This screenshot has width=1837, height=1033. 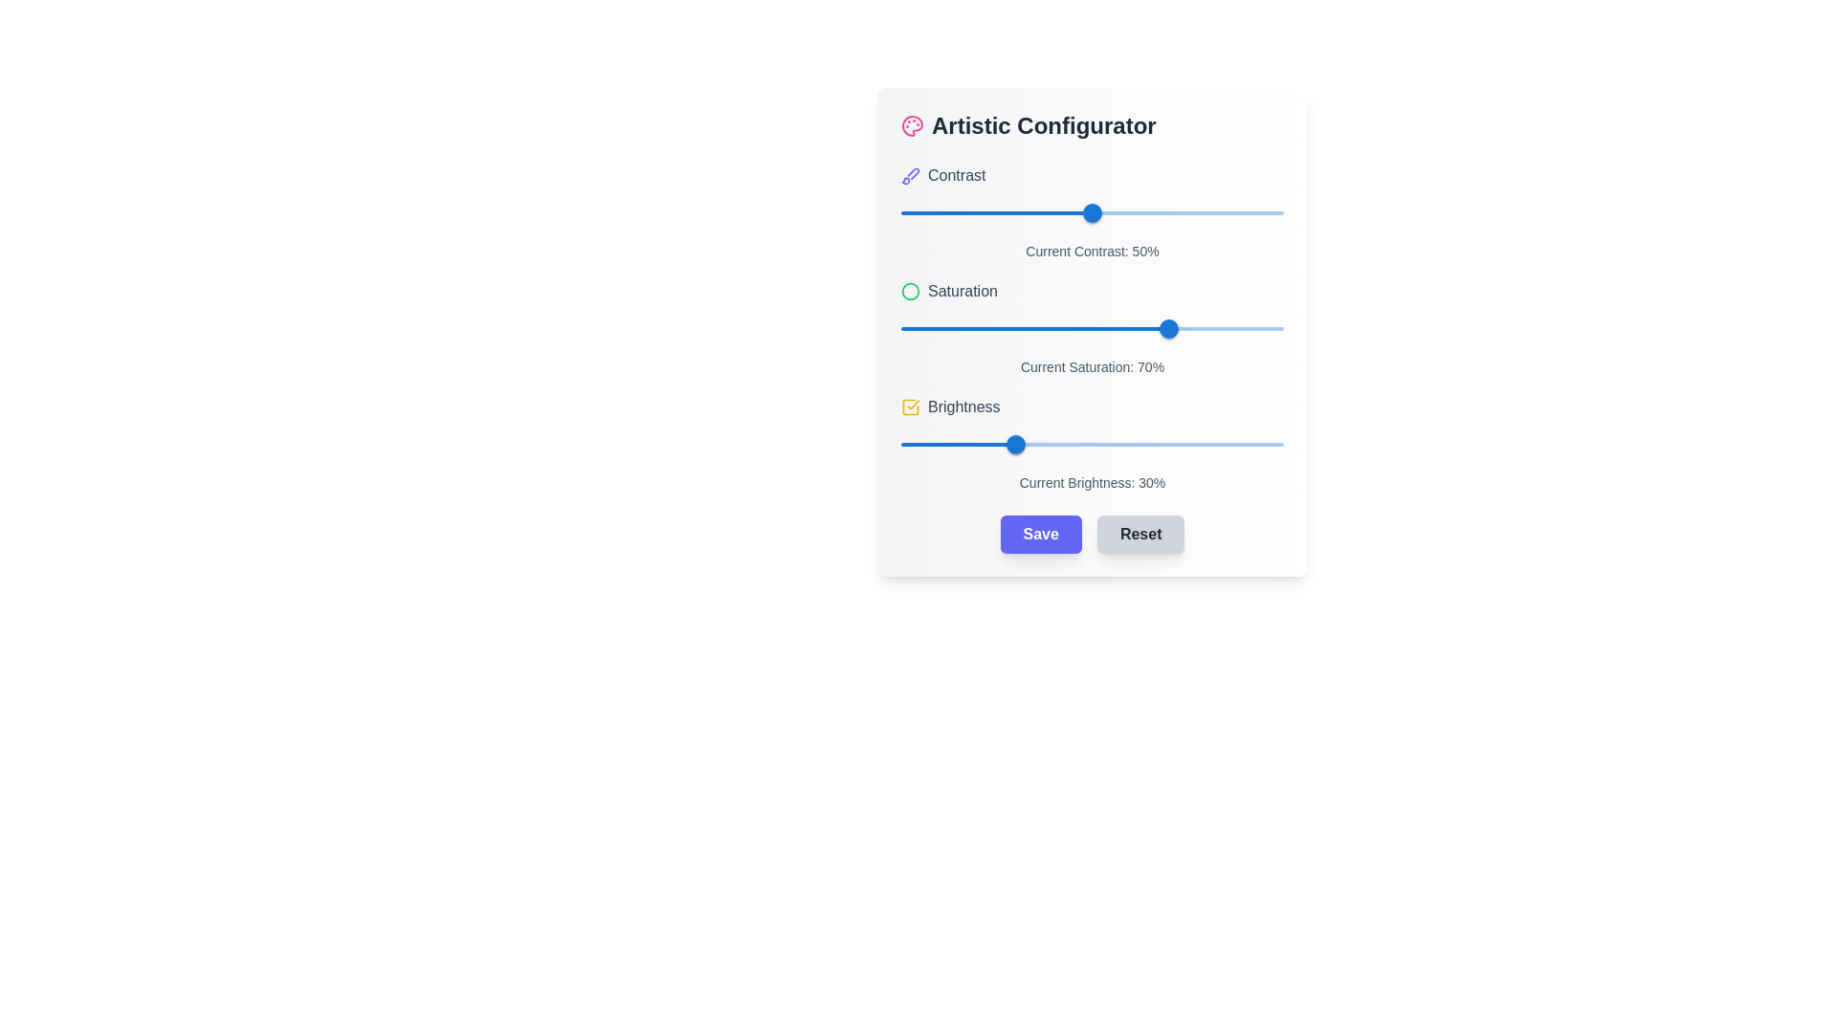 What do you see at coordinates (908, 213) in the screenshot?
I see `the contrast level` at bounding box center [908, 213].